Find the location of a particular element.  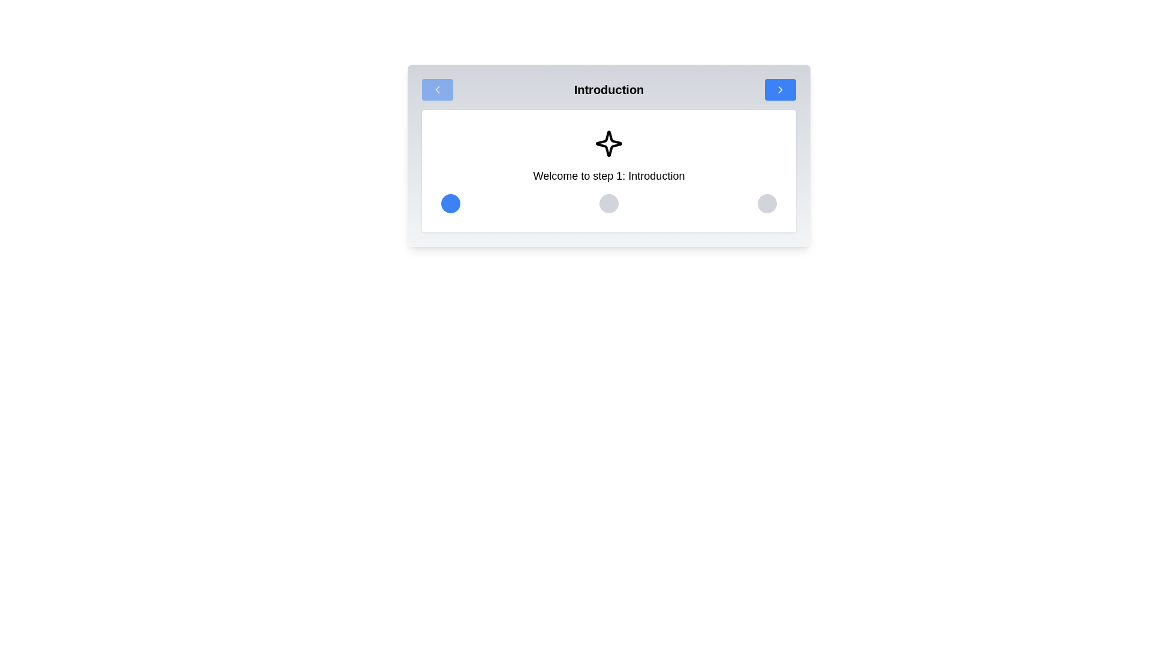

the right arrow button to navigate to the next step is located at coordinates (780, 89).